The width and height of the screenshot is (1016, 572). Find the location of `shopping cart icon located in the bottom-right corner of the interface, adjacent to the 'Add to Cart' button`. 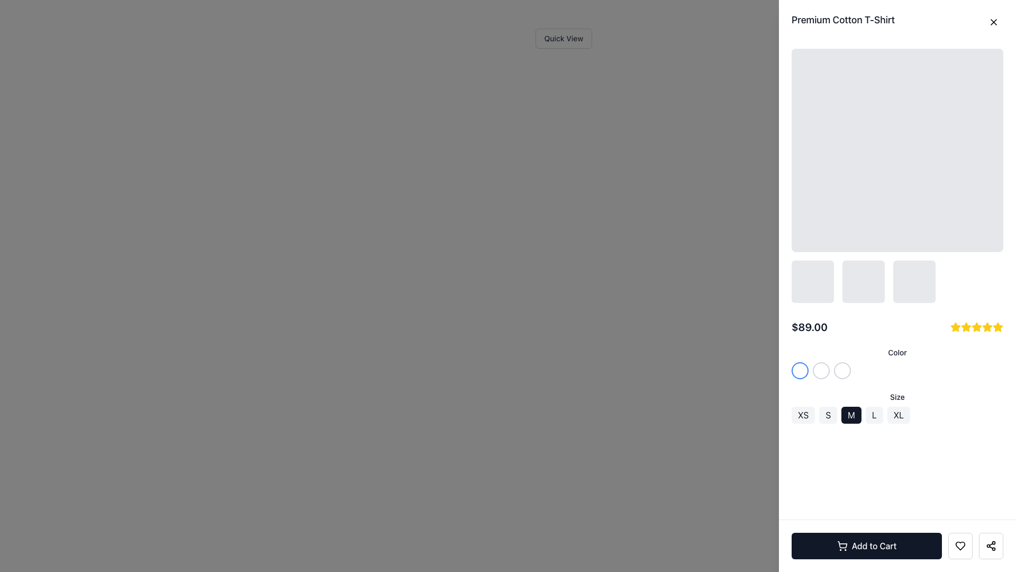

shopping cart icon located in the bottom-right corner of the interface, adjacent to the 'Add to Cart' button is located at coordinates (841, 544).